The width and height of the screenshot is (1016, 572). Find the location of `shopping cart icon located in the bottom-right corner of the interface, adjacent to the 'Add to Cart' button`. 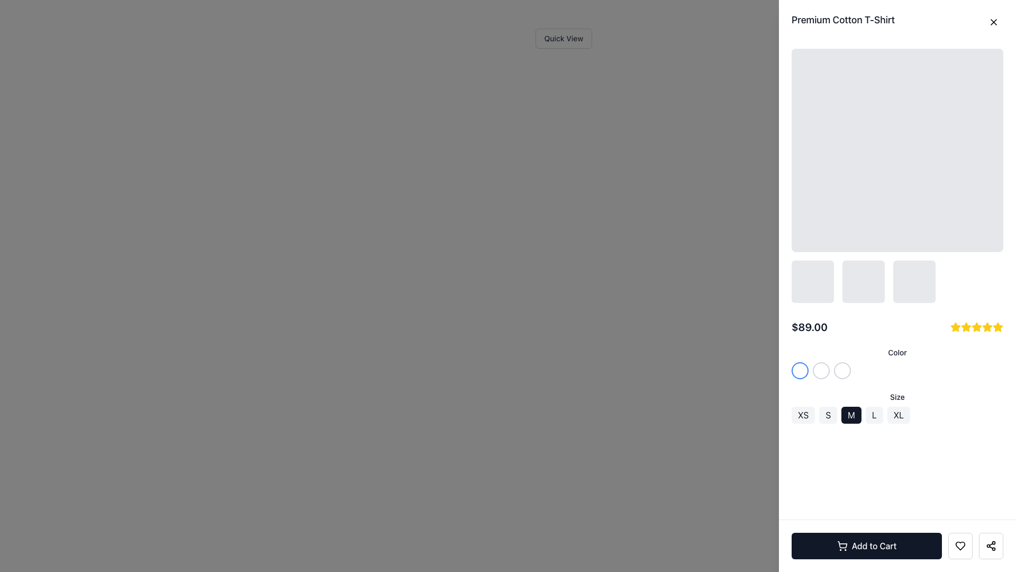

shopping cart icon located in the bottom-right corner of the interface, adjacent to the 'Add to Cart' button is located at coordinates (841, 544).